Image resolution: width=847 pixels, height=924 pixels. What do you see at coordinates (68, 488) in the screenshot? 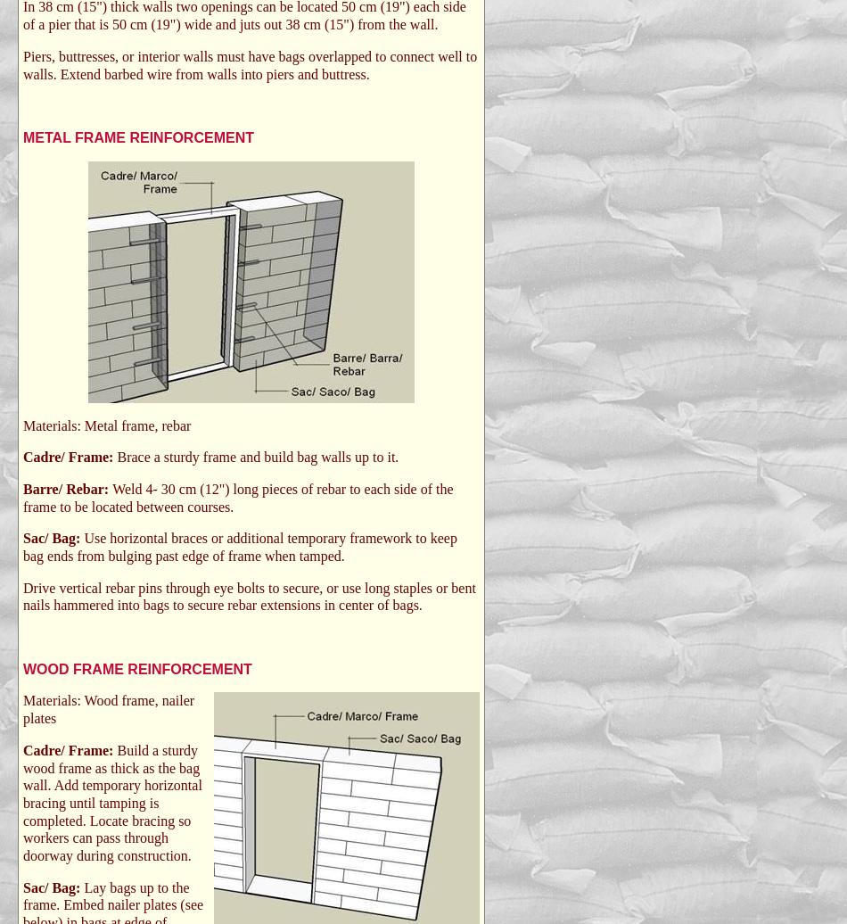
I see `'Barre/ Rebar:'` at bounding box center [68, 488].